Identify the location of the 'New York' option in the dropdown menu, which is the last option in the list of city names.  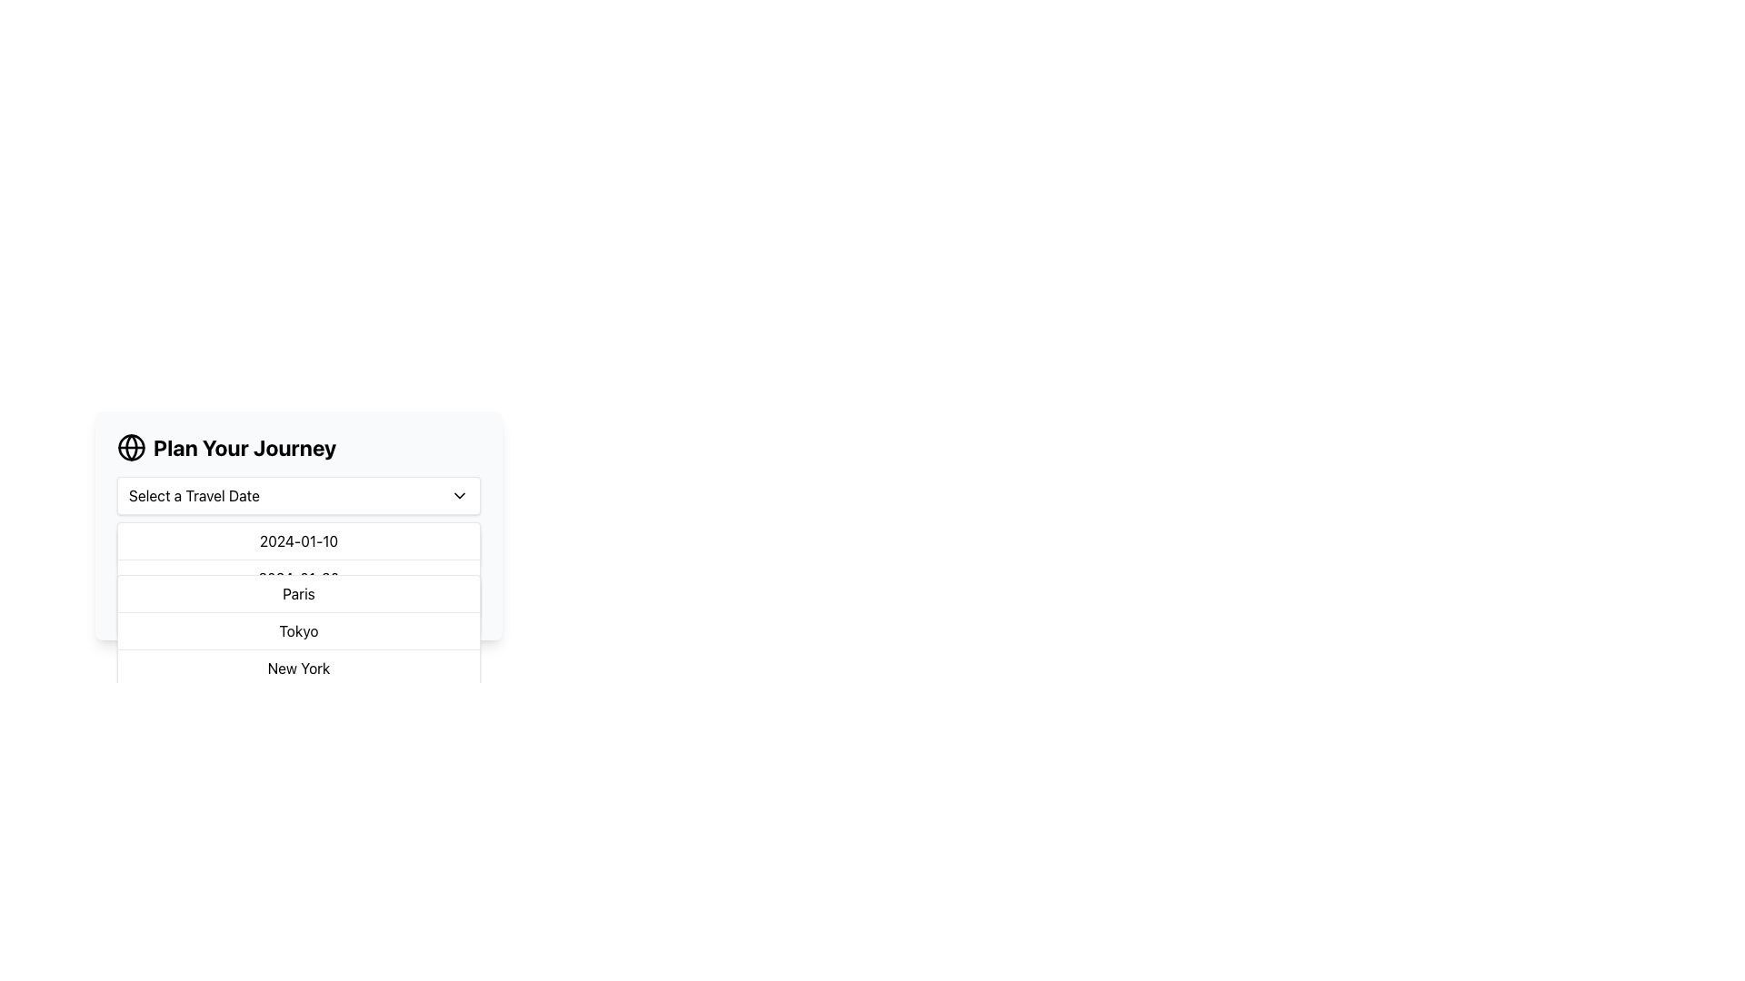
(299, 668).